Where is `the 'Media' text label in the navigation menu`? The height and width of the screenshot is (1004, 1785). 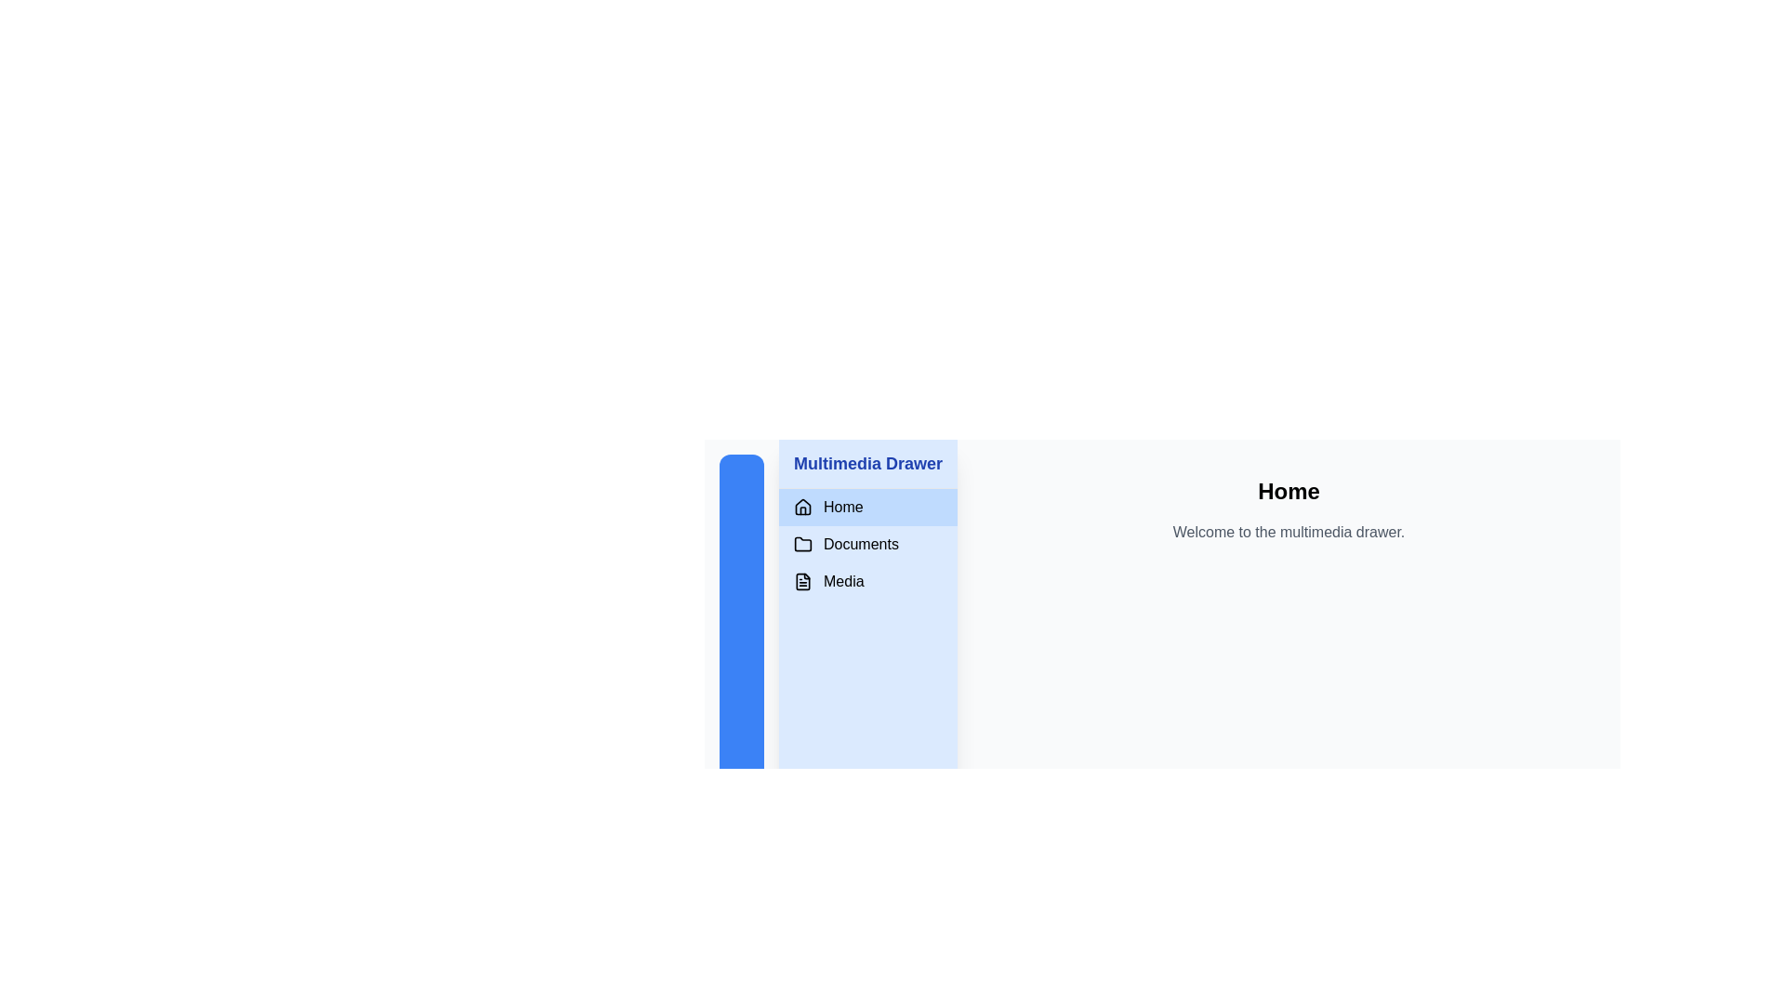
the 'Media' text label in the navigation menu is located at coordinates (842, 580).